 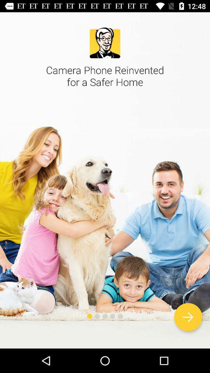 I want to click on the item below camera phone reinvented icon, so click(x=187, y=317).